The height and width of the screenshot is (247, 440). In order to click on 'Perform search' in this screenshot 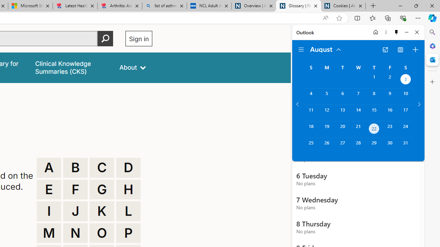, I will do `click(105, 38)`.